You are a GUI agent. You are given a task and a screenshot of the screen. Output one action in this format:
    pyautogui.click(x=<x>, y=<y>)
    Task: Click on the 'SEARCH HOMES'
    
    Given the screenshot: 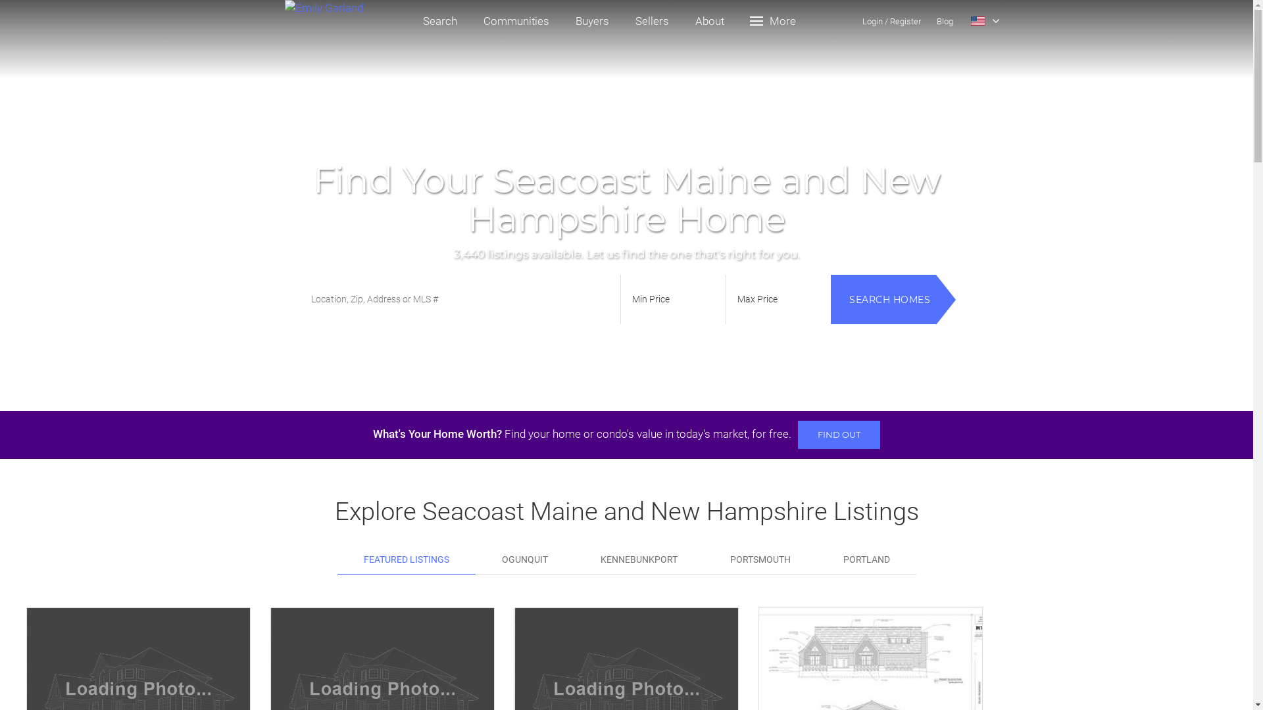 What is the action you would take?
    pyautogui.click(x=883, y=299)
    